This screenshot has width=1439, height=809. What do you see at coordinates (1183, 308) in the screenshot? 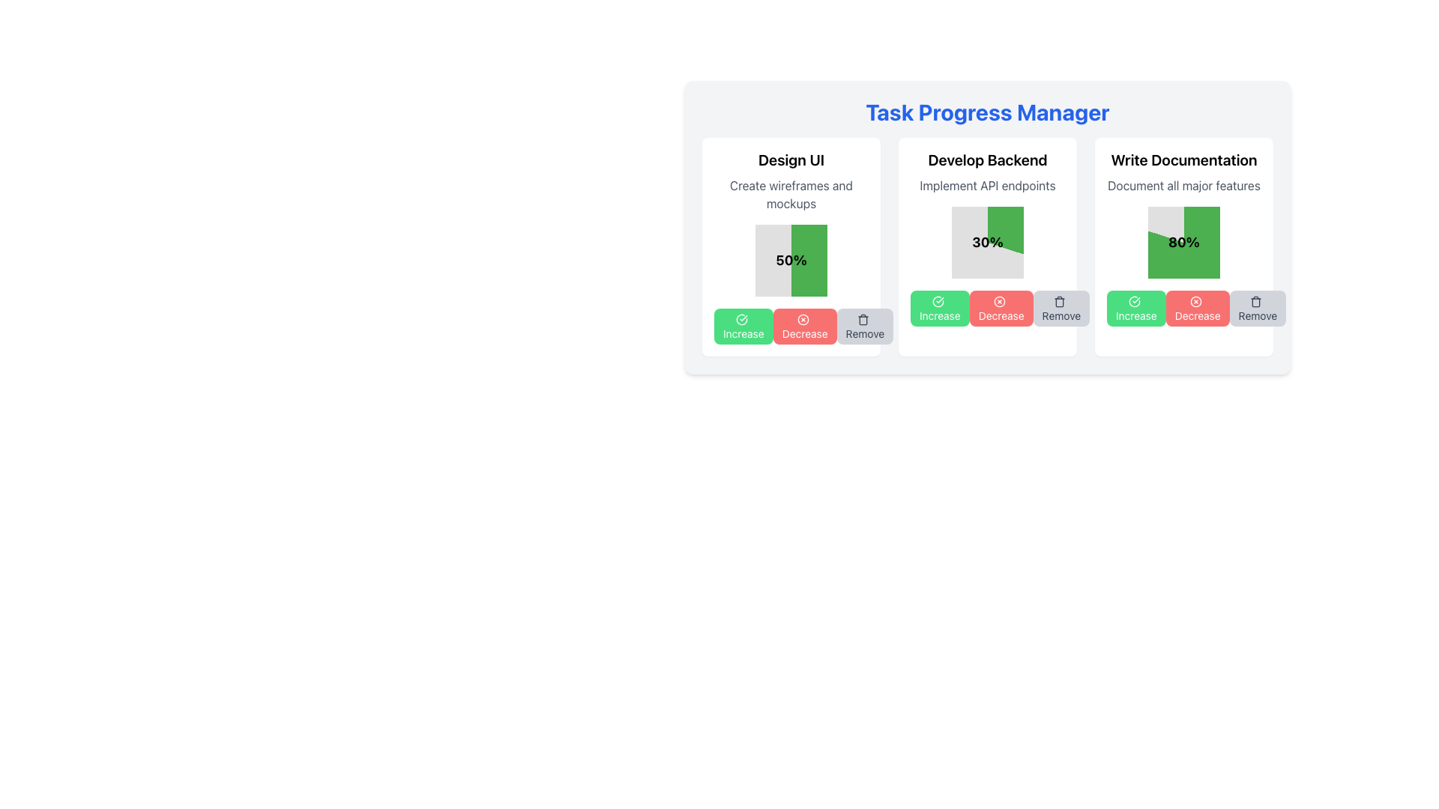
I see `the middle button styled with a red background and white text labeled 'Decrease'` at bounding box center [1183, 308].